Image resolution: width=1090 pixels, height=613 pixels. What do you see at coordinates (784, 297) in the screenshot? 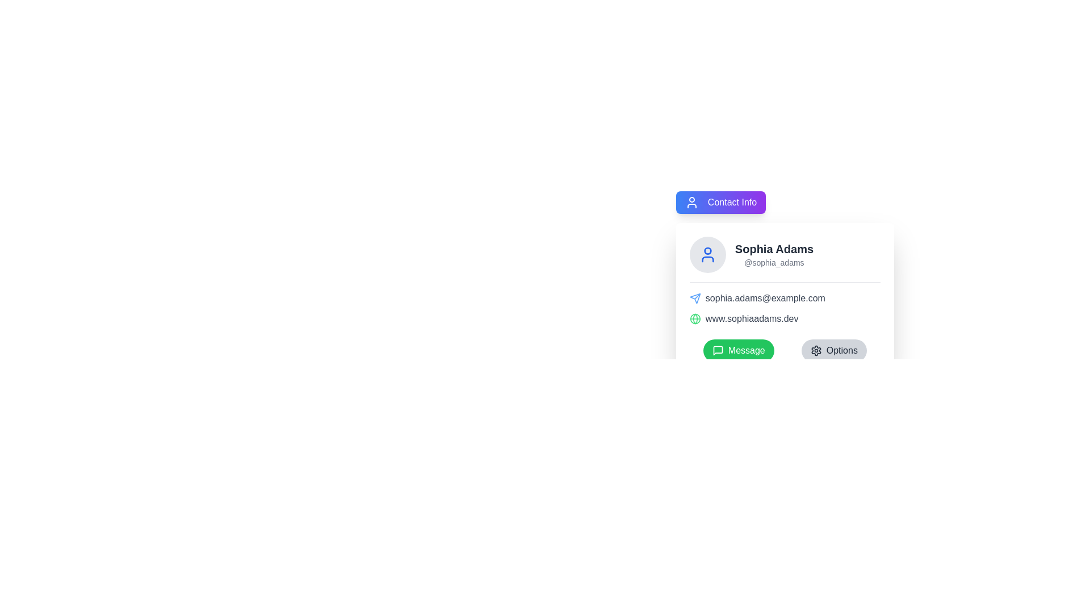
I see `the text label displaying 'sophia.adams@example.com', which is styled in light gray and located beneath the name 'Sophia Adams'` at bounding box center [784, 297].